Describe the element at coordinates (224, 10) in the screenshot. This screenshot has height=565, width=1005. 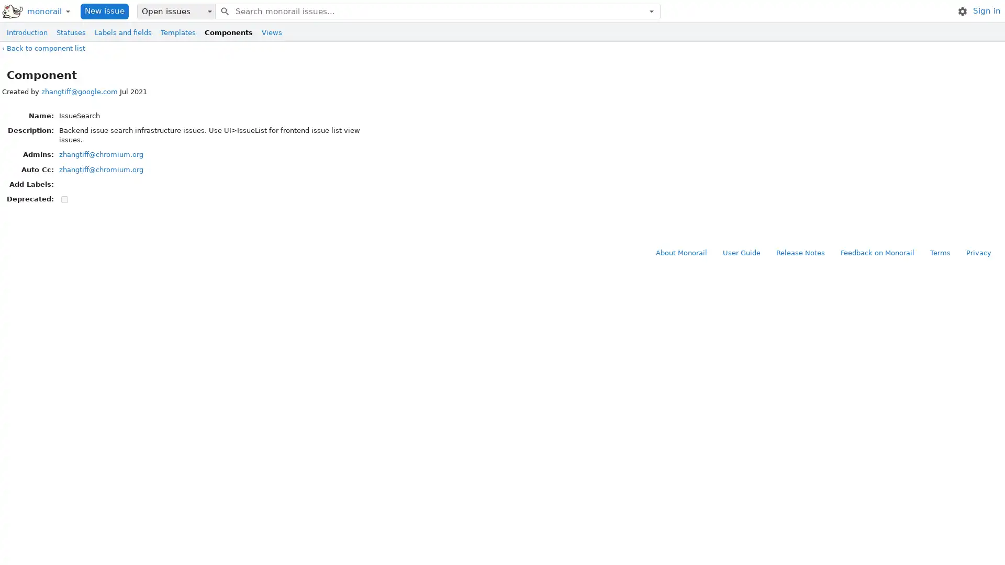
I see `search` at that location.